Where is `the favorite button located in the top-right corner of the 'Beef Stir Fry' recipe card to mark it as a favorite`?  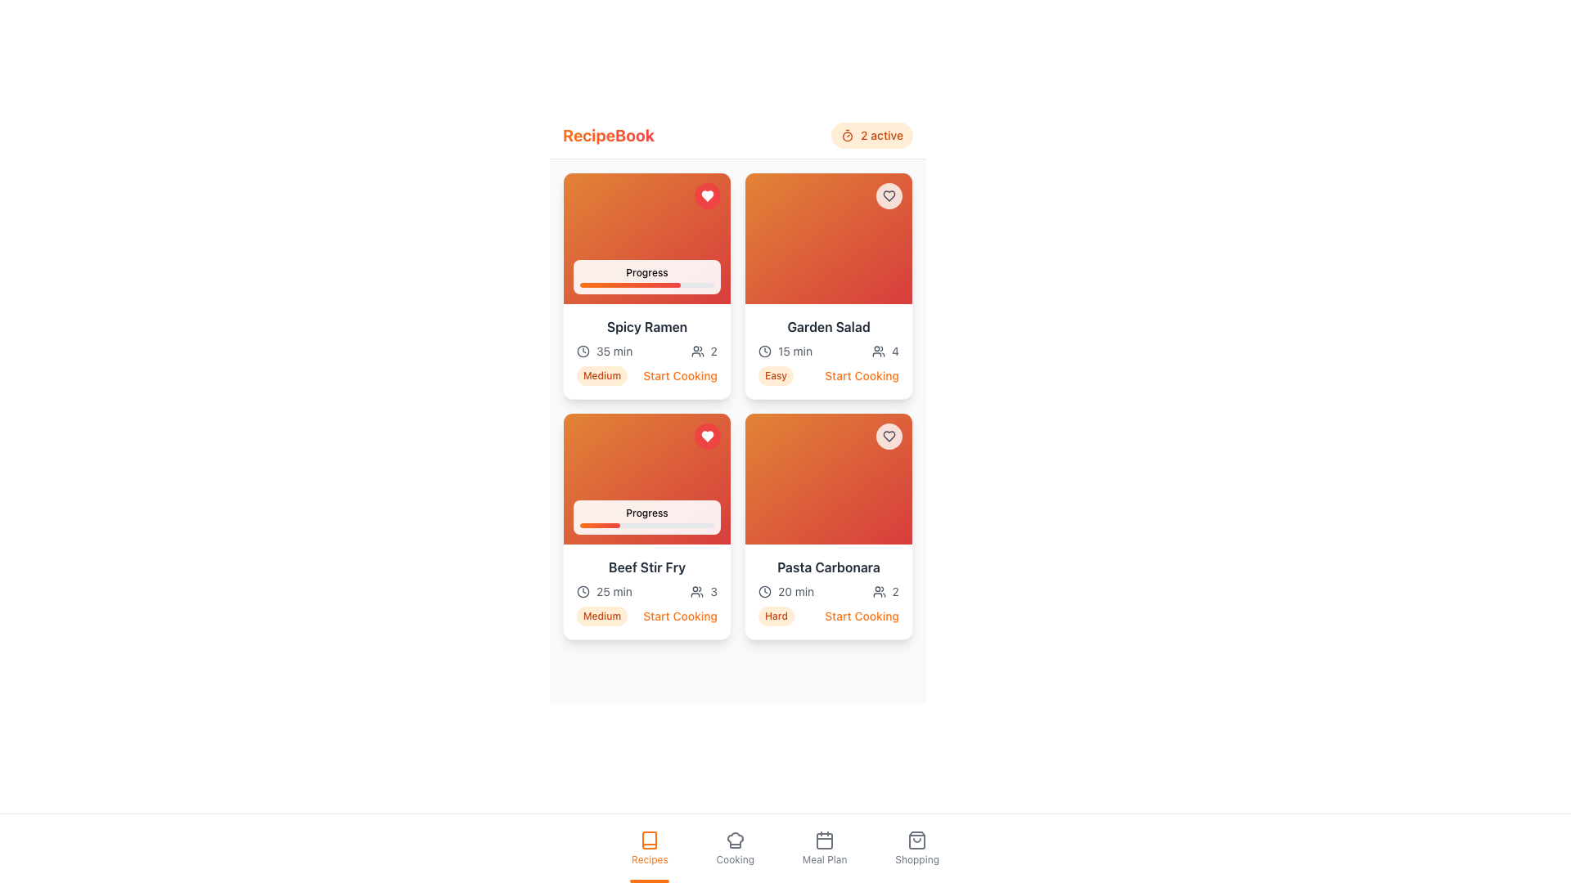
the favorite button located in the top-right corner of the 'Beef Stir Fry' recipe card to mark it as a favorite is located at coordinates (707, 435).